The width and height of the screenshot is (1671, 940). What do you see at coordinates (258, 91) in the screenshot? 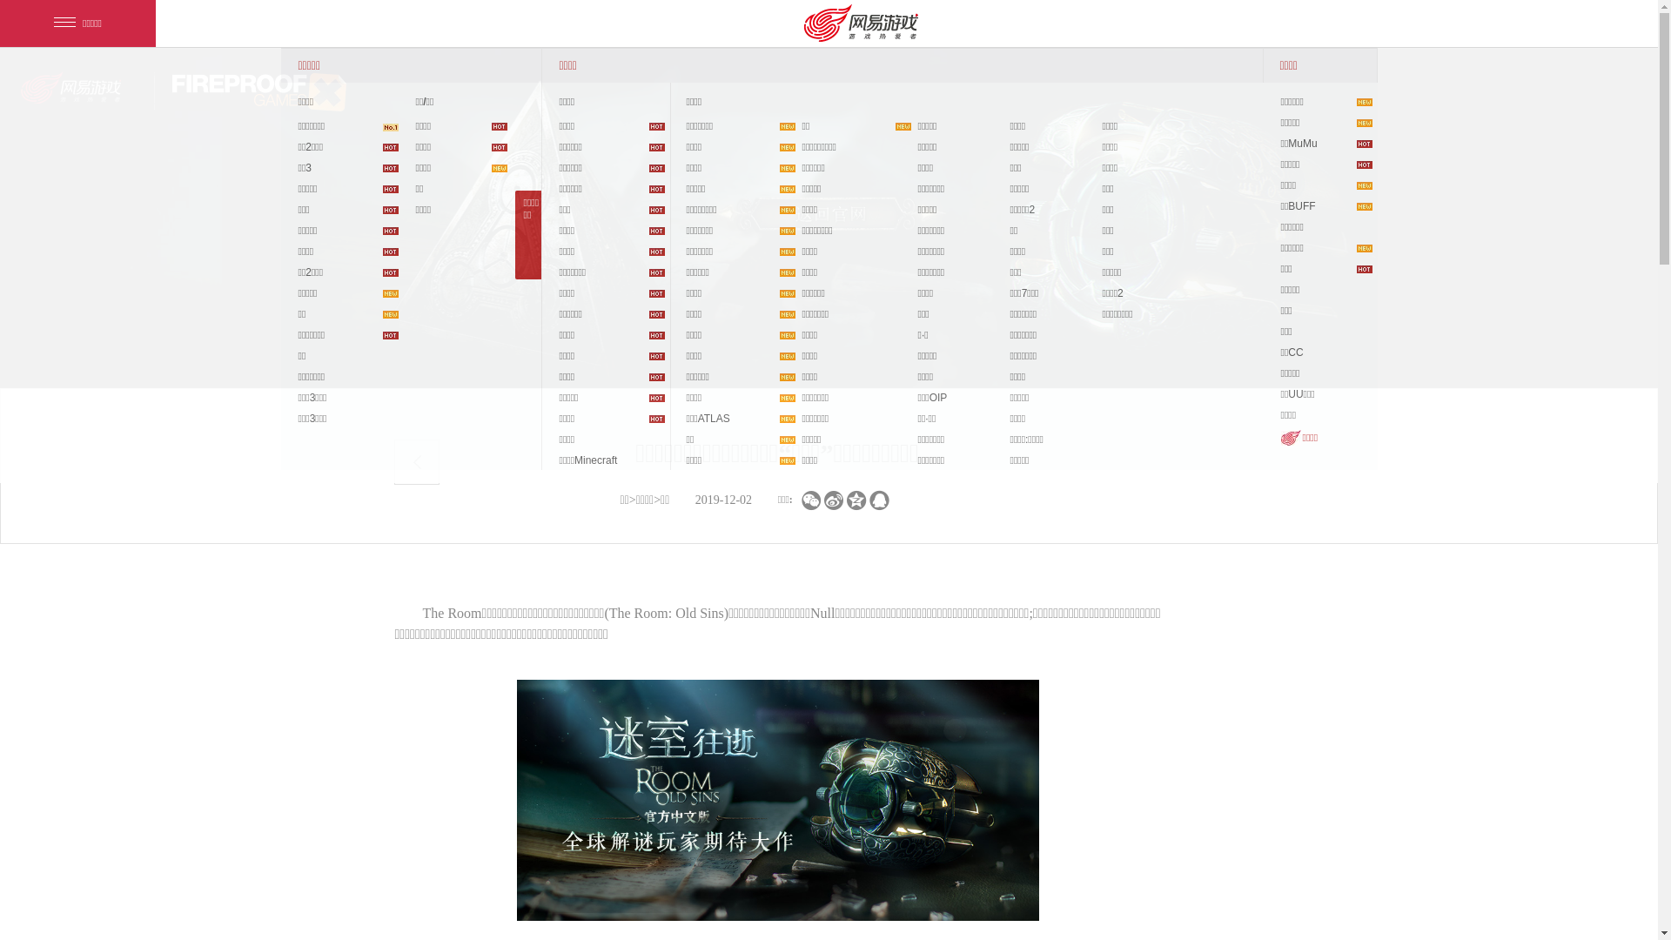
I see `'fireproof'` at bounding box center [258, 91].